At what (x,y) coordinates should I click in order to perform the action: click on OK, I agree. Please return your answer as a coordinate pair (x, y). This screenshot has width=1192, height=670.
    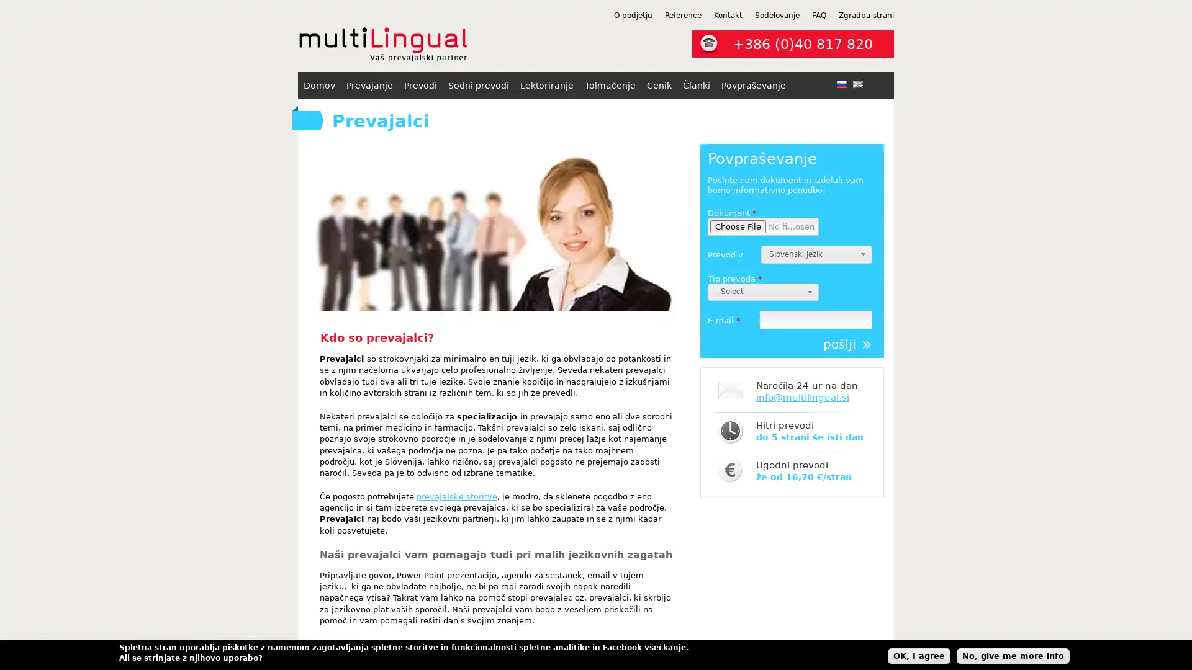
    Looking at the image, I should click on (919, 654).